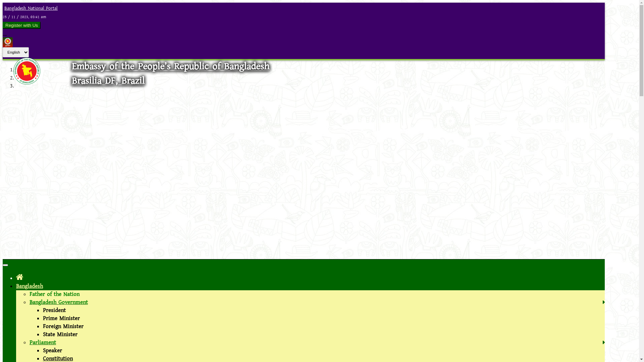  What do you see at coordinates (43, 310) in the screenshot?
I see `'President'` at bounding box center [43, 310].